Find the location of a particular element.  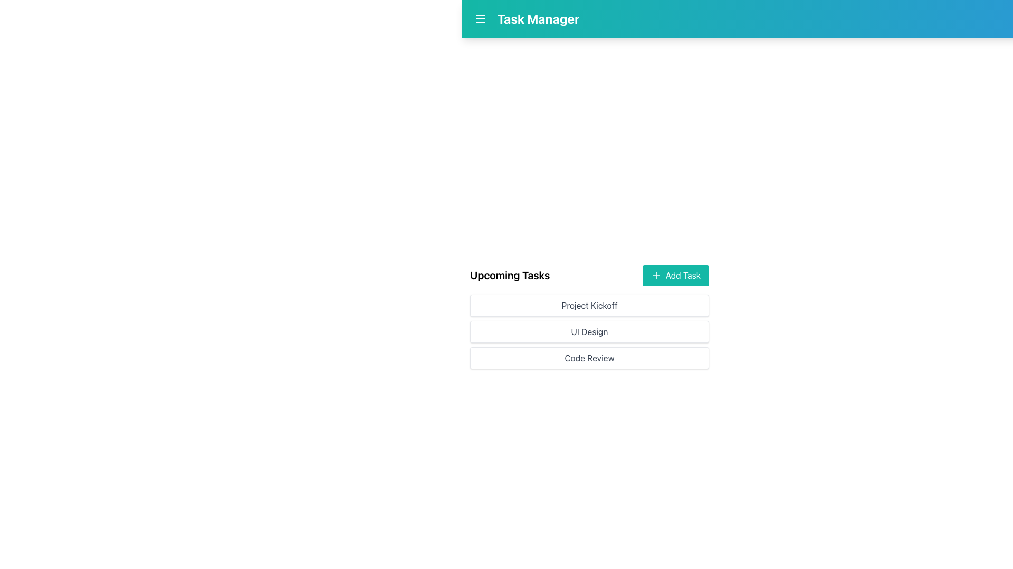

the 'Project Kickoff' text label, which is a rectangular button-like structure with rounded corners and a subtle shadow effect, positioned beneath the 'Upcoming Tasks' header is located at coordinates (589, 305).